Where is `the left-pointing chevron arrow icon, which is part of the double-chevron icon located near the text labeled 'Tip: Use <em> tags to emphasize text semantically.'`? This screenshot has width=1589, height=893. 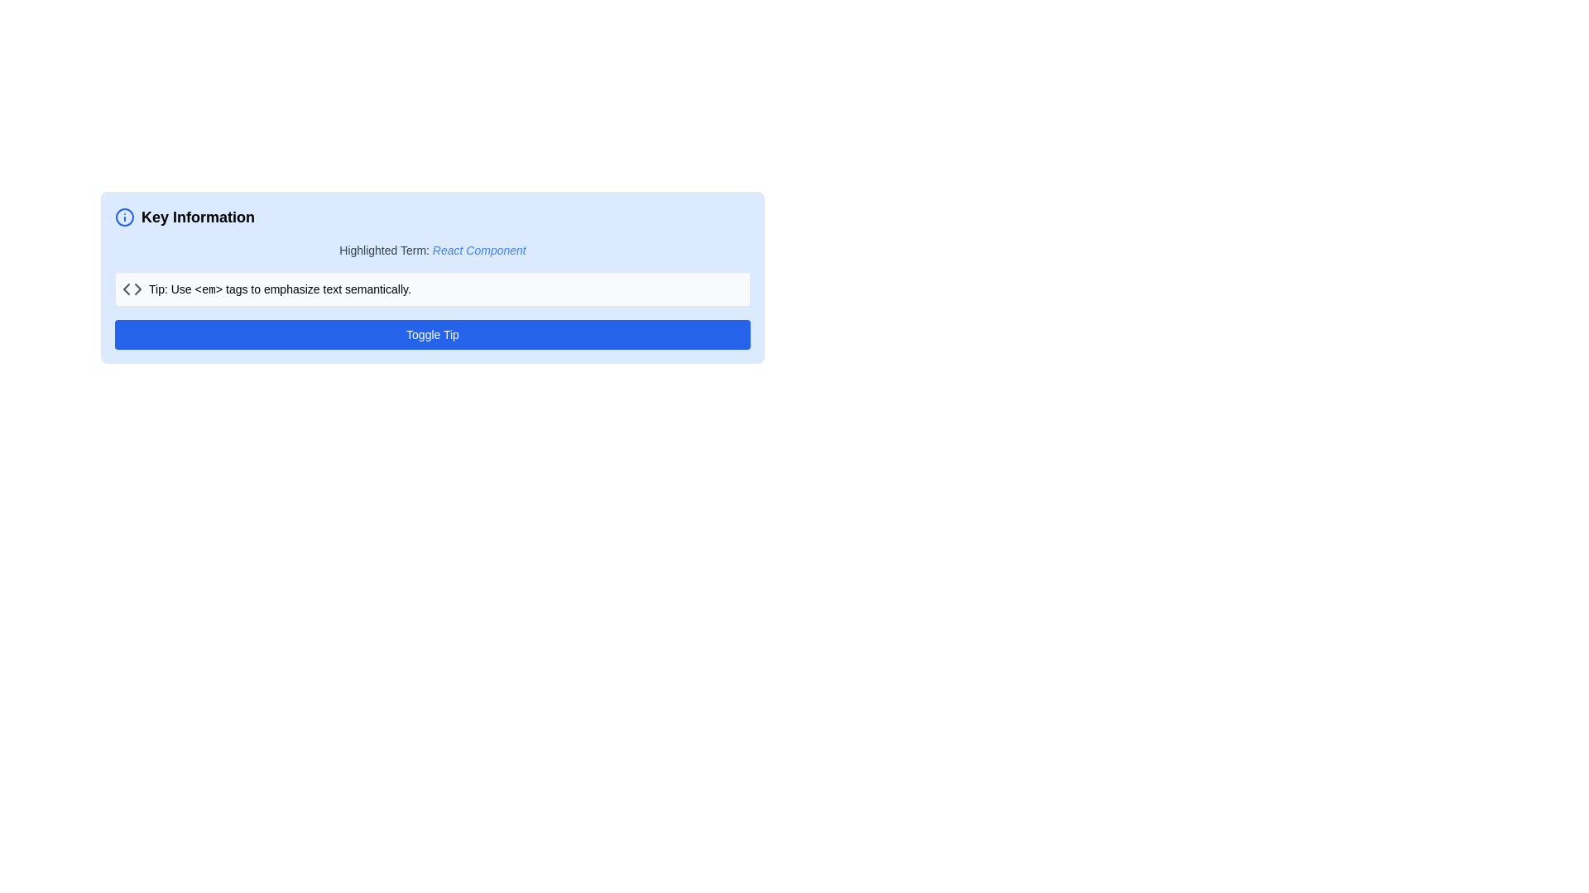 the left-pointing chevron arrow icon, which is part of the double-chevron icon located near the text labeled 'Tip: Use <em> tags to emphasize text semantically.' is located at coordinates (126, 289).